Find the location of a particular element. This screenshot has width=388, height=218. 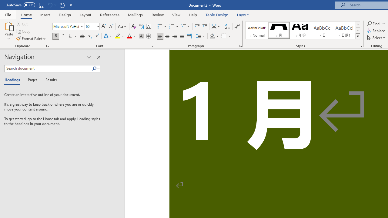

'AutomationID: QuickStylesGallery' is located at coordinates (303, 30).